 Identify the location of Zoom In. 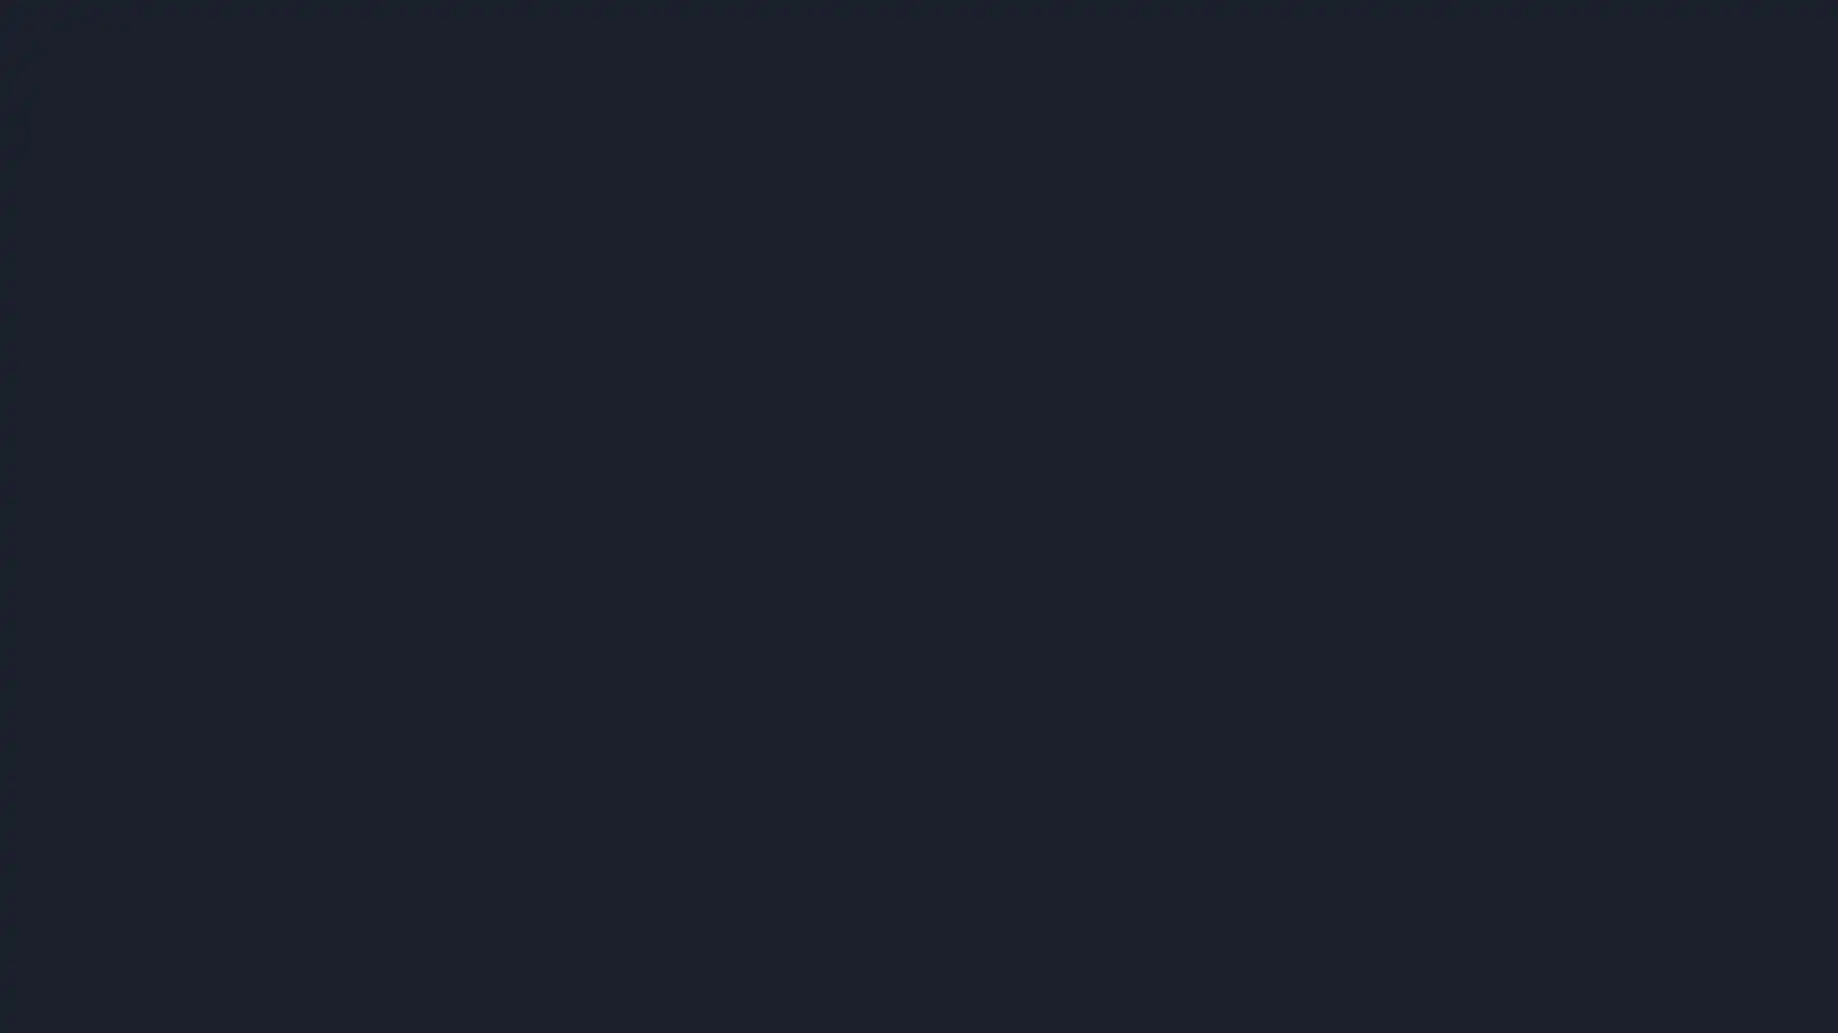
(1376, 66).